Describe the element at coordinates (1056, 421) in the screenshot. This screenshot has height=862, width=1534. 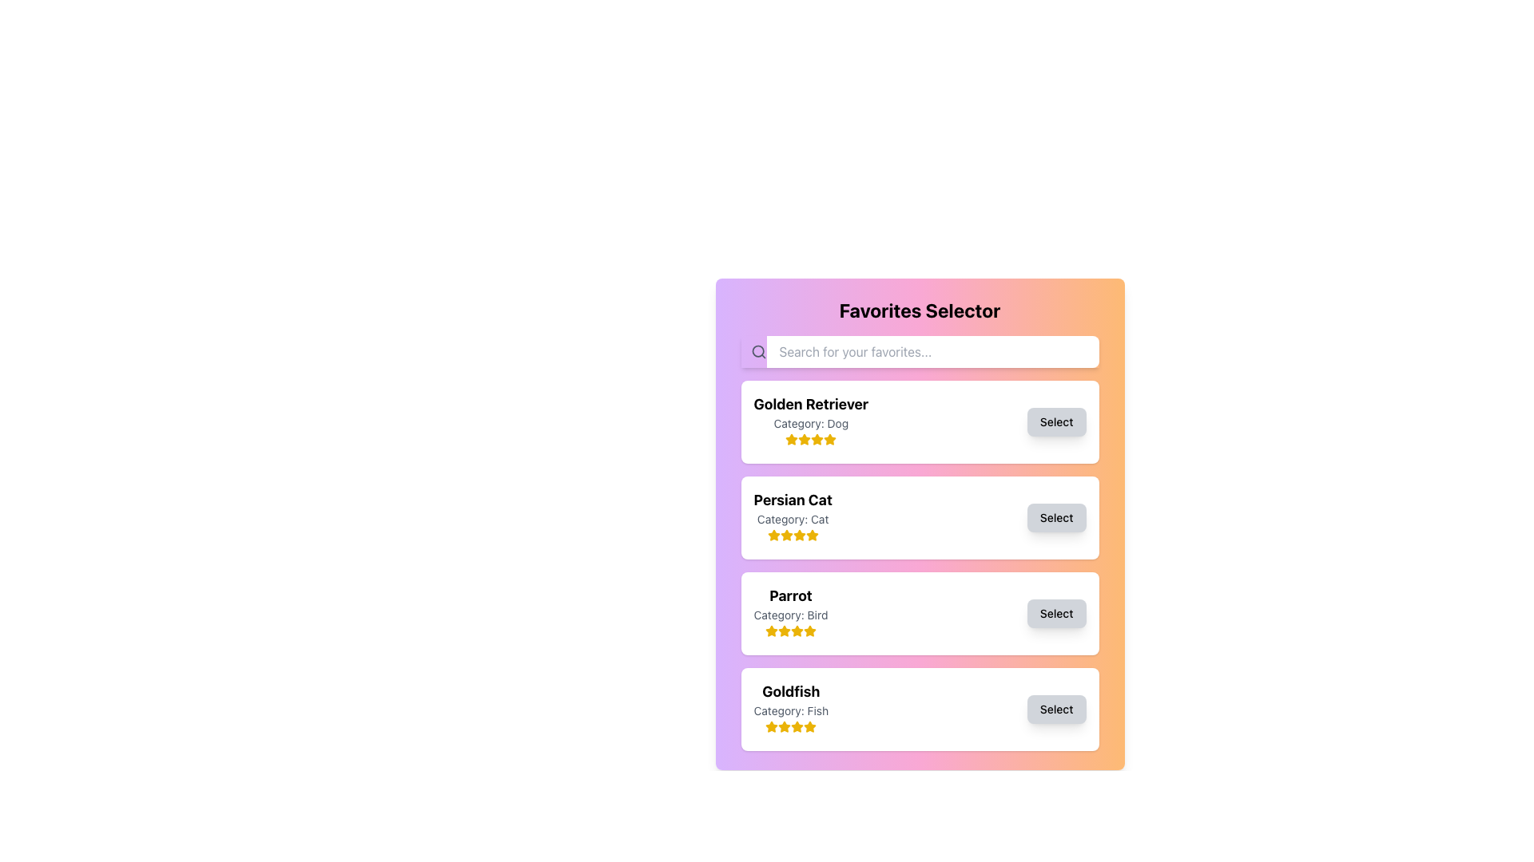
I see `the 'Select' button with a gray background and black text, located to the right of the 'Golden Retriever' title in the list` at that location.